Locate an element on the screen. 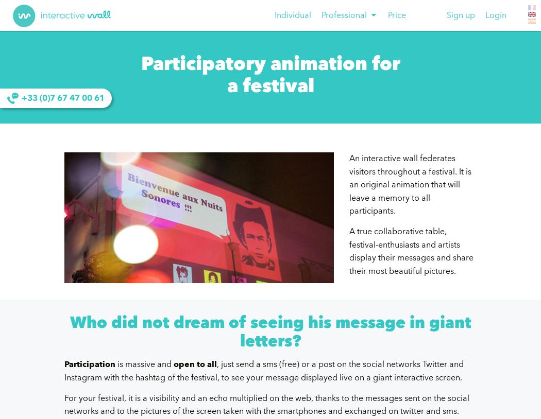 This screenshot has height=419, width=541. 'A true collaborative table, festival-enthusiasts and artists display their messages and share their most beautiful pictures.' is located at coordinates (411, 250).